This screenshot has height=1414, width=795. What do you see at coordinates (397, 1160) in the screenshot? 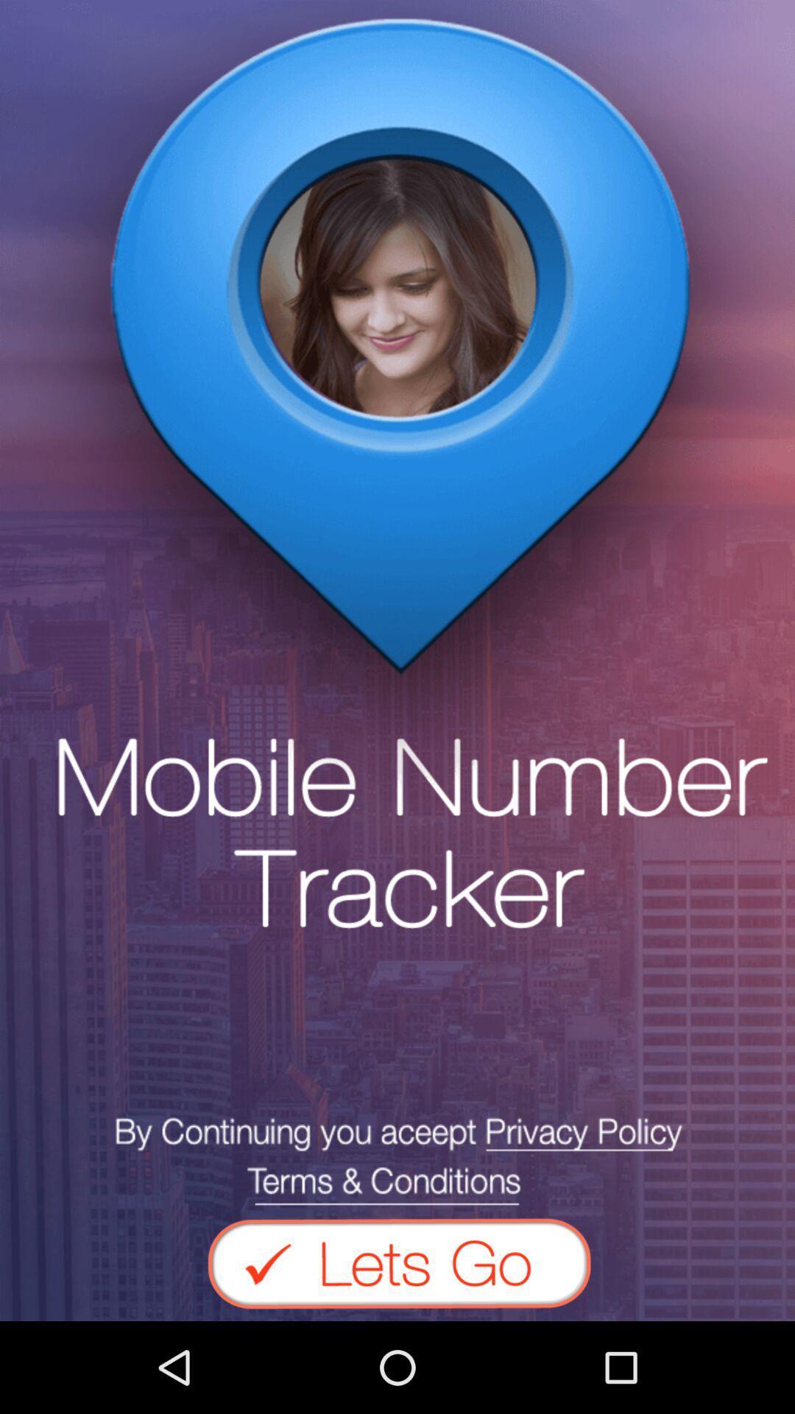
I see `read terms and conditions` at bounding box center [397, 1160].